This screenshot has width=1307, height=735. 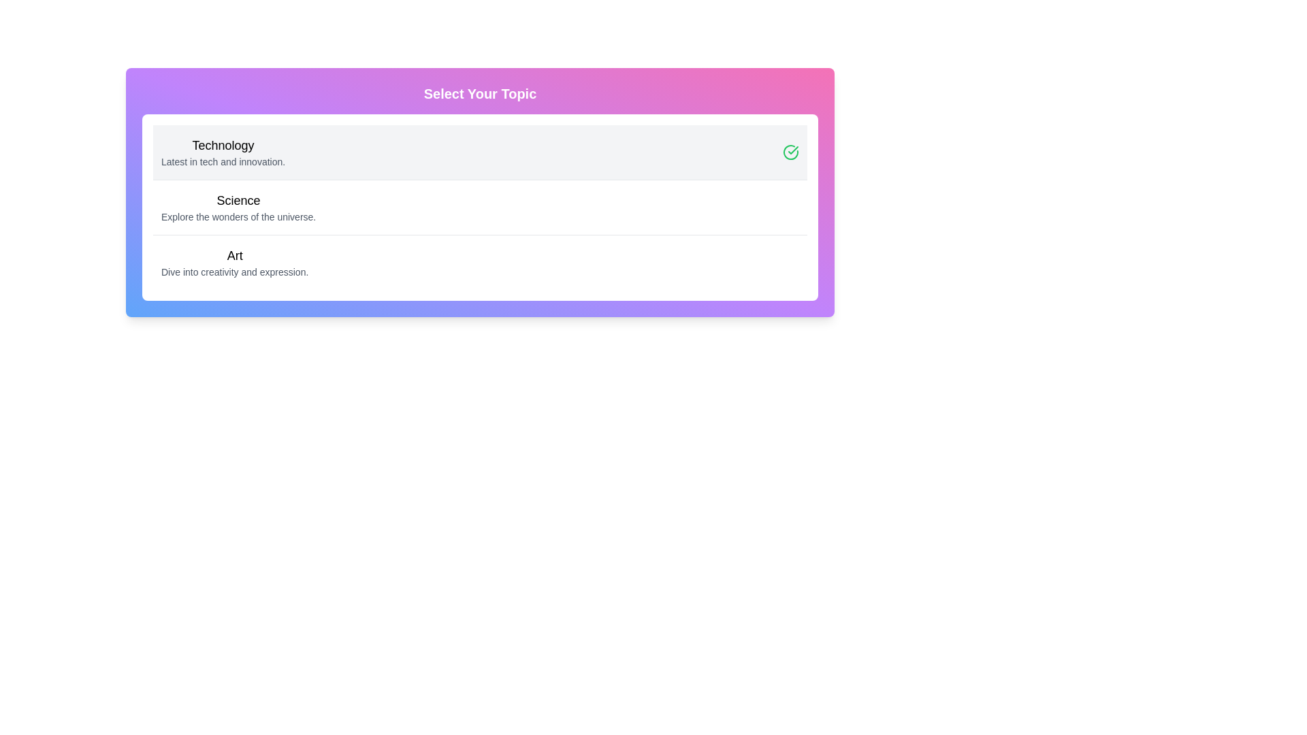 What do you see at coordinates (238, 216) in the screenshot?
I see `the text label that says 'Explore the wonders of the universe.' located below the 'Science' header in the topic selection section` at bounding box center [238, 216].